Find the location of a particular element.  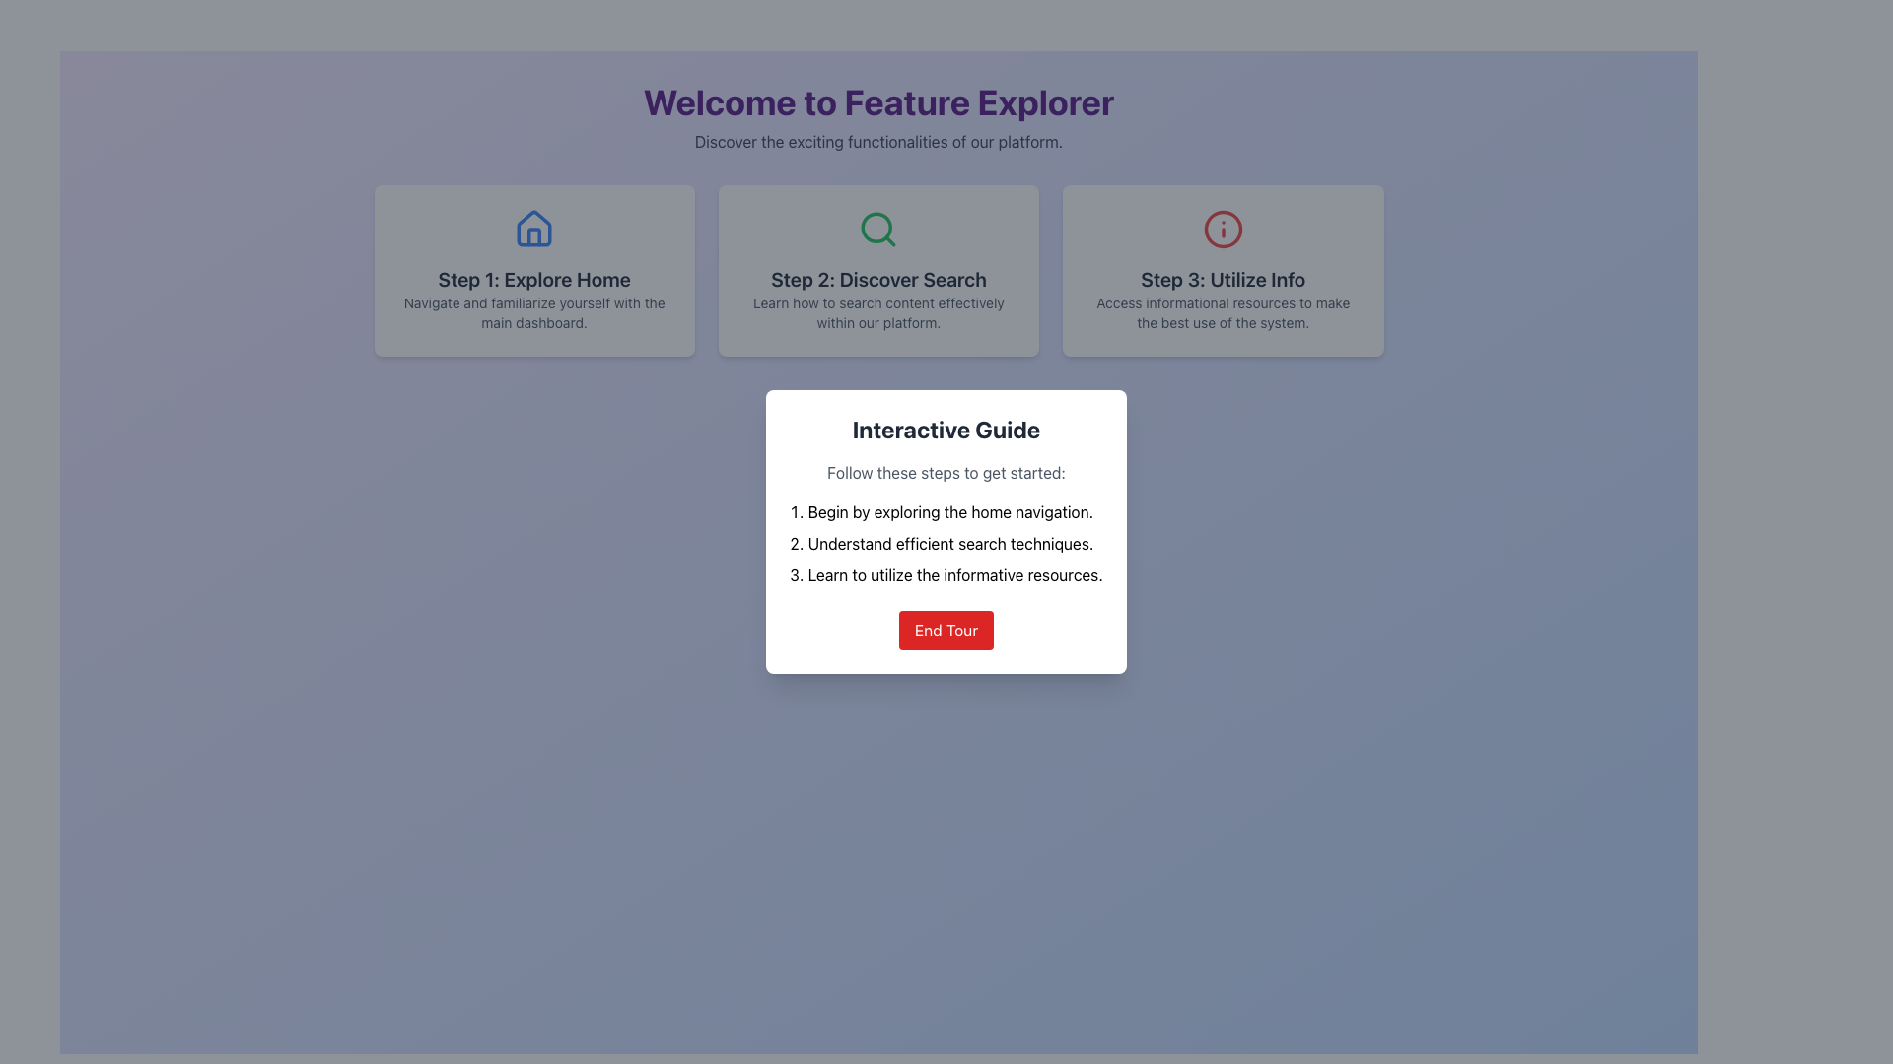

text content of the Informational Card positioned above the description text in the first column of a three-column layout is located at coordinates (534, 270).